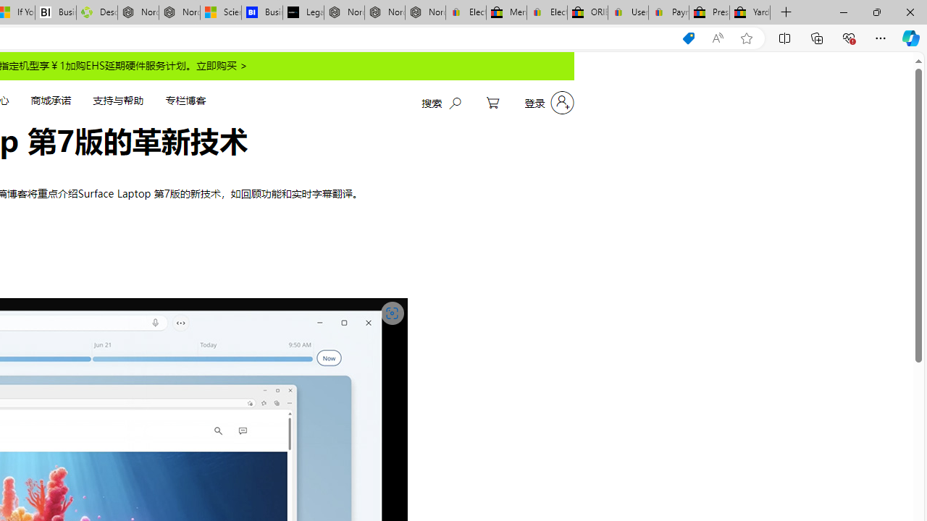  I want to click on 'Press Room - eBay Inc.', so click(709, 12).